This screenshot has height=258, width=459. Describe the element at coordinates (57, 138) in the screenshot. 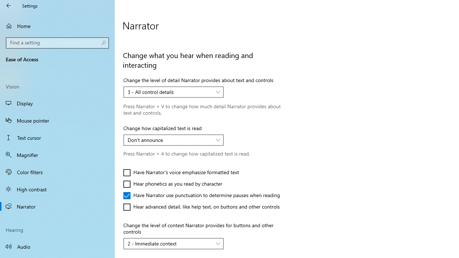

I see `'Text cursor'` at that location.